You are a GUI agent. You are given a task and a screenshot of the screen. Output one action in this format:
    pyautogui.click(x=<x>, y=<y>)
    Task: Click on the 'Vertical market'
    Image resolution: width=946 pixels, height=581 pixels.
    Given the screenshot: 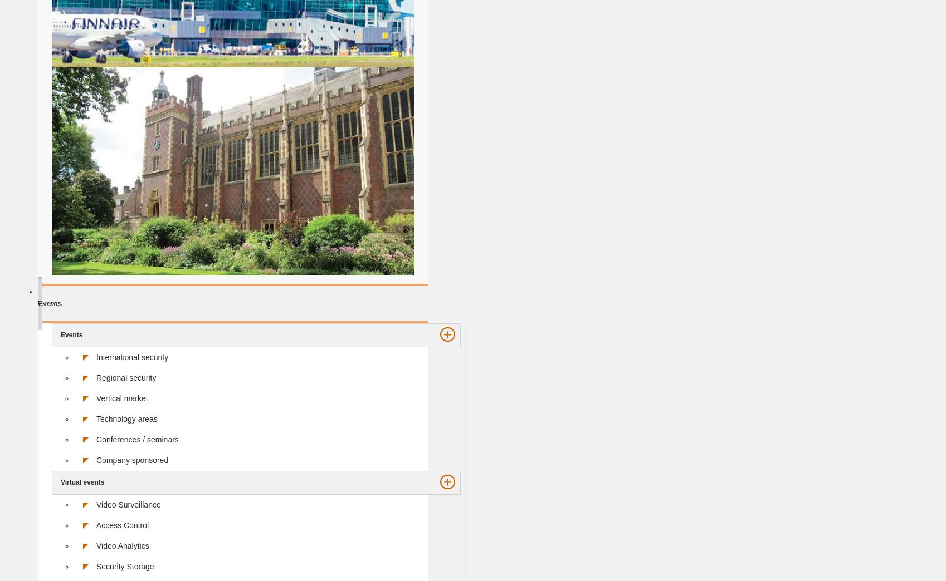 What is the action you would take?
    pyautogui.click(x=122, y=397)
    